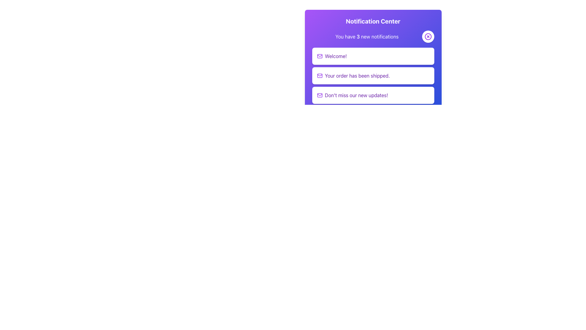  I want to click on the graphical email icon component located to the left of the text message 'Your order has been shipped' in the second notification item of the notification center, so click(319, 75).